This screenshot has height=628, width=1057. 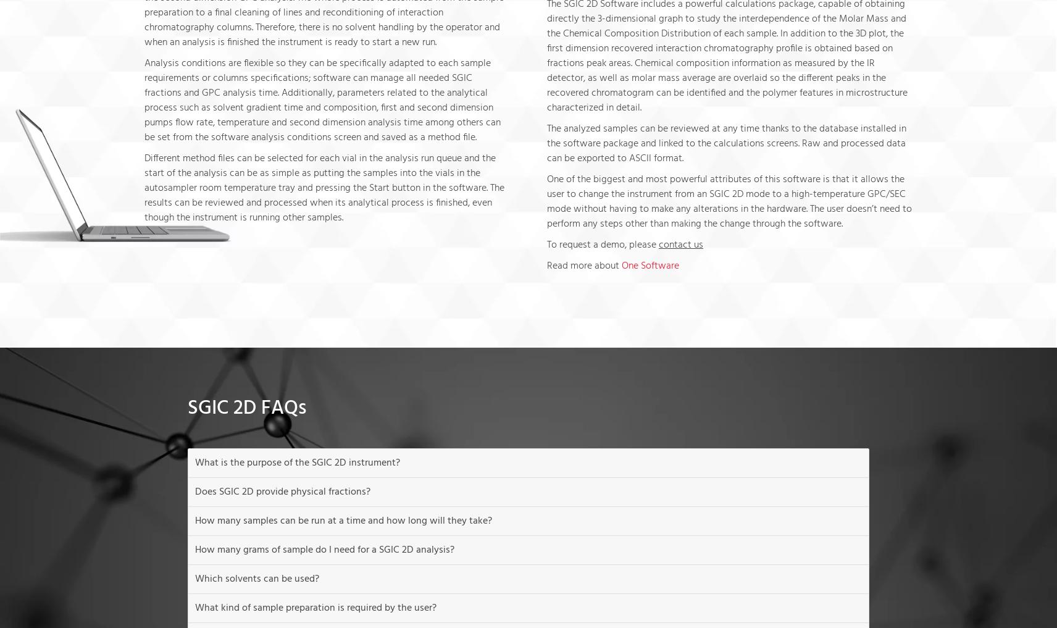 I want to click on 'What kind of sample preparation is required by the user?', so click(x=315, y=608).